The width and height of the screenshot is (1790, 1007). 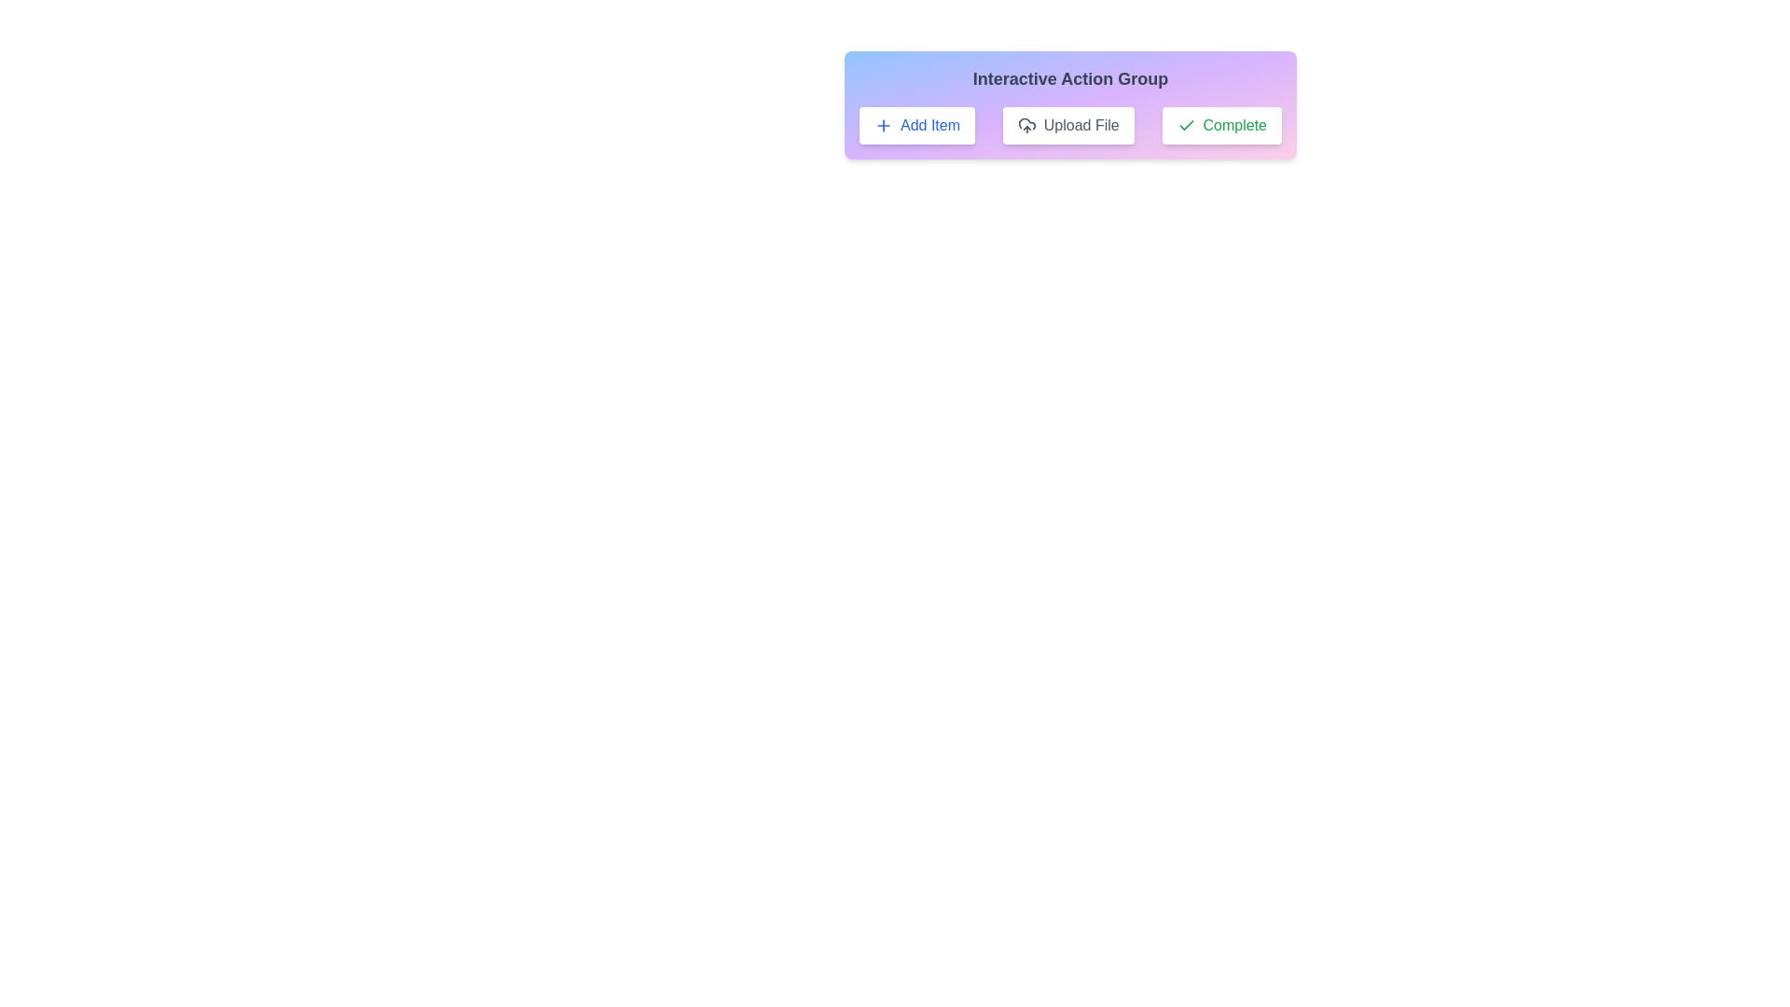 What do you see at coordinates (1070, 104) in the screenshot?
I see `the 'Upload File' button, which is a white button with rounded corners and a cloud icon with an upward arrow, located under the 'Interactive Action Group' heading` at bounding box center [1070, 104].